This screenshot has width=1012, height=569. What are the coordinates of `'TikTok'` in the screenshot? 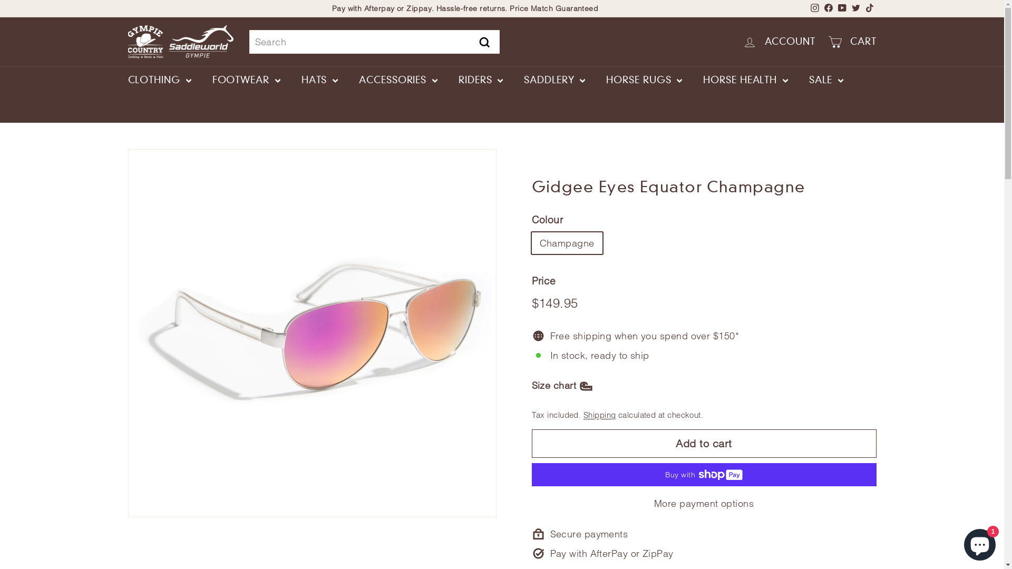 It's located at (869, 8).